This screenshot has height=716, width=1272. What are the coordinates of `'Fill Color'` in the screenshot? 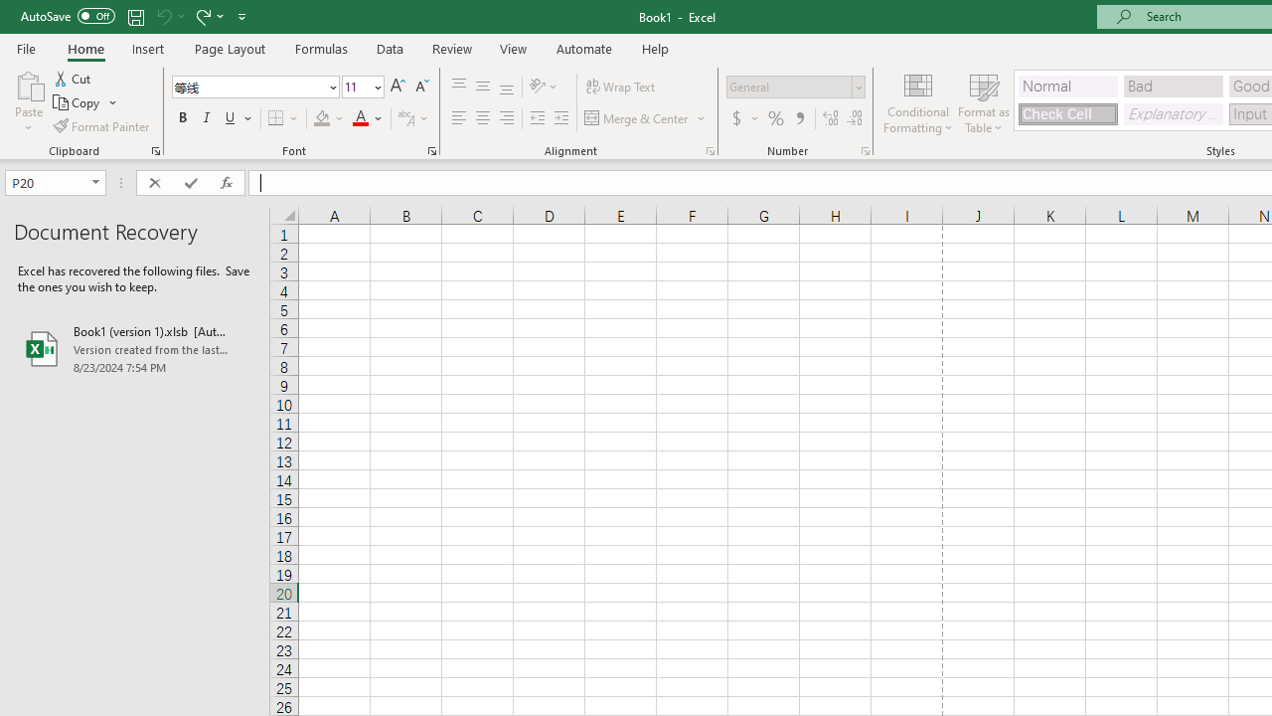 It's located at (329, 118).